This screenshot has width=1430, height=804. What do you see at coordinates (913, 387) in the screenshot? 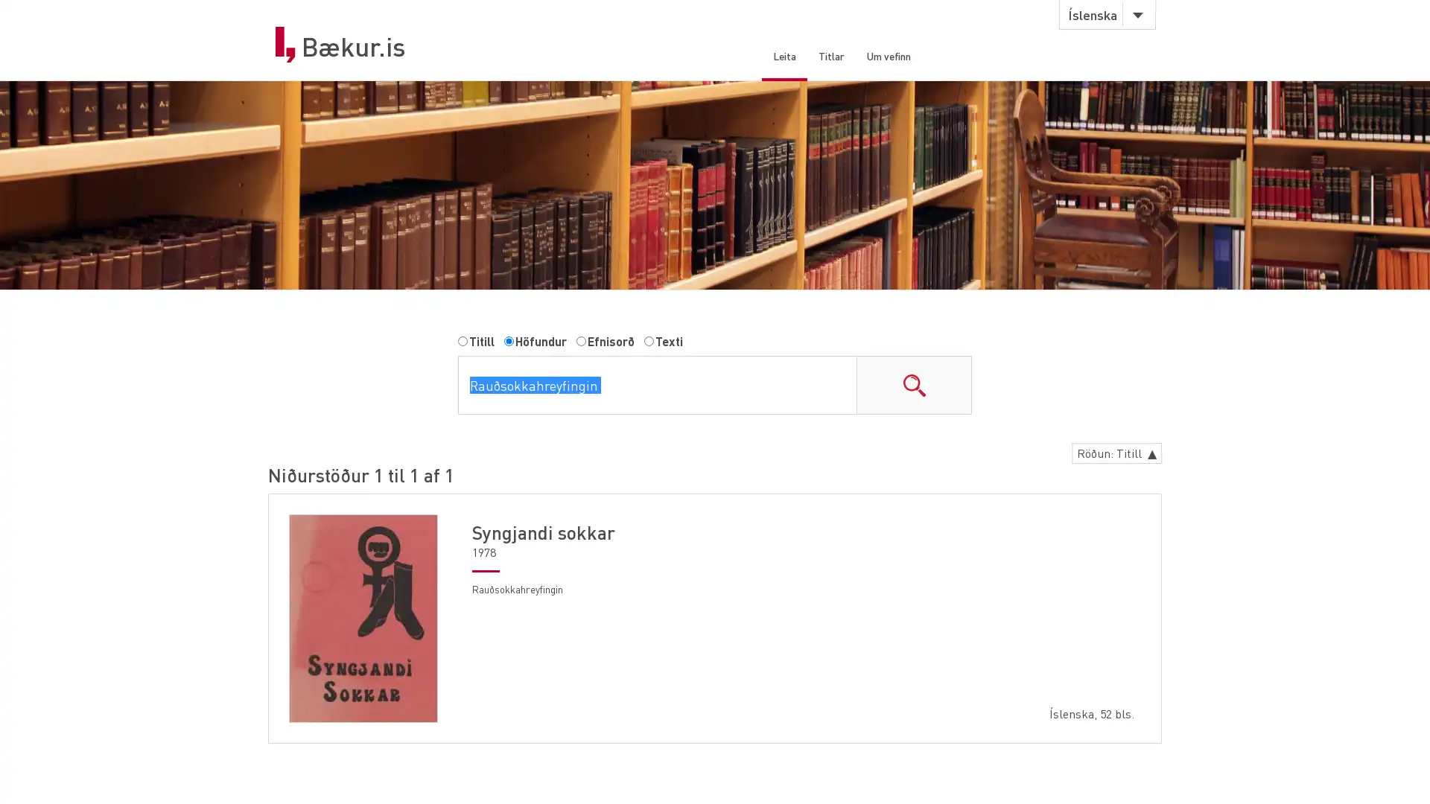
I see `search` at bounding box center [913, 387].